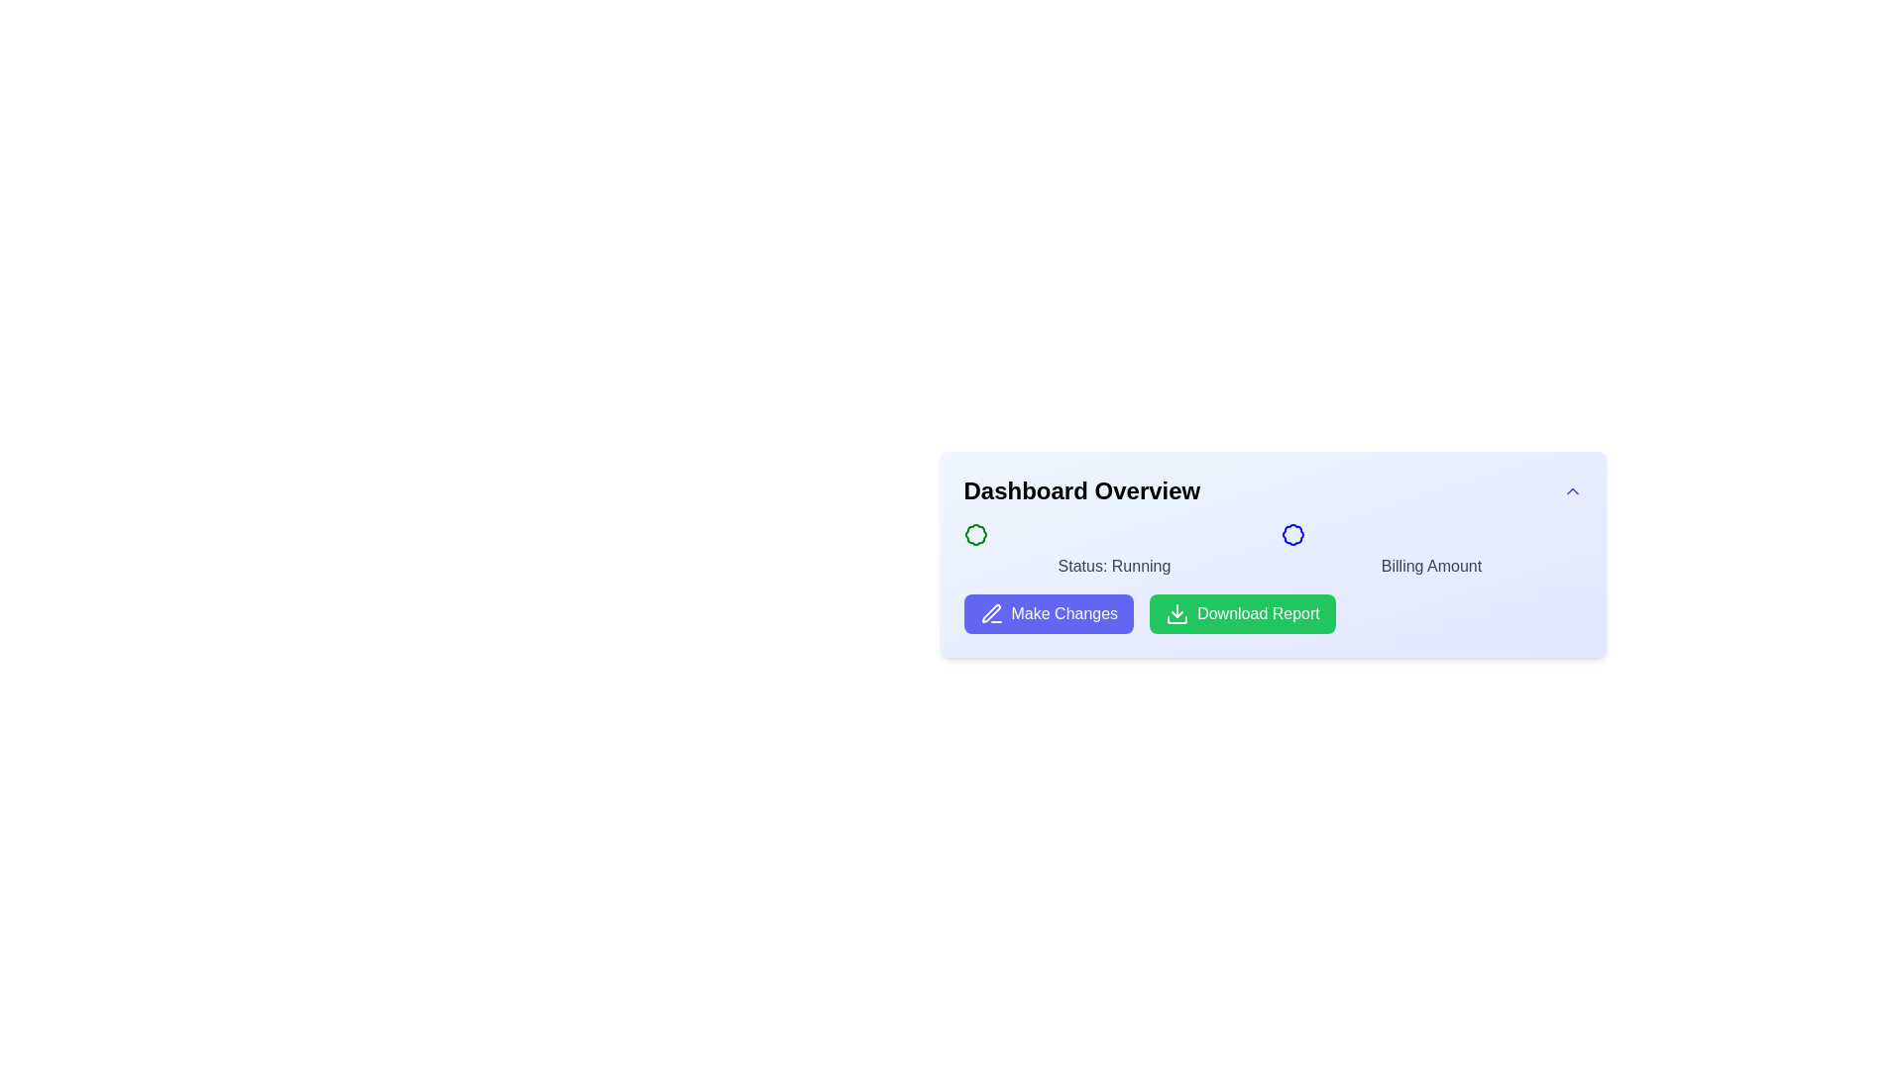  Describe the element at coordinates (1114, 550) in the screenshot. I see `the text label displaying 'Status: Running', which is styled in a medium-sized, bold font and located below the 'Dashboard Overview' heading, adjacent to a green circular badge on the left` at that location.